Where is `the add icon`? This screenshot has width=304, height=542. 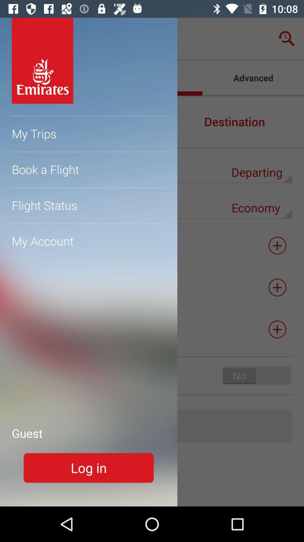
the add icon is located at coordinates (277, 287).